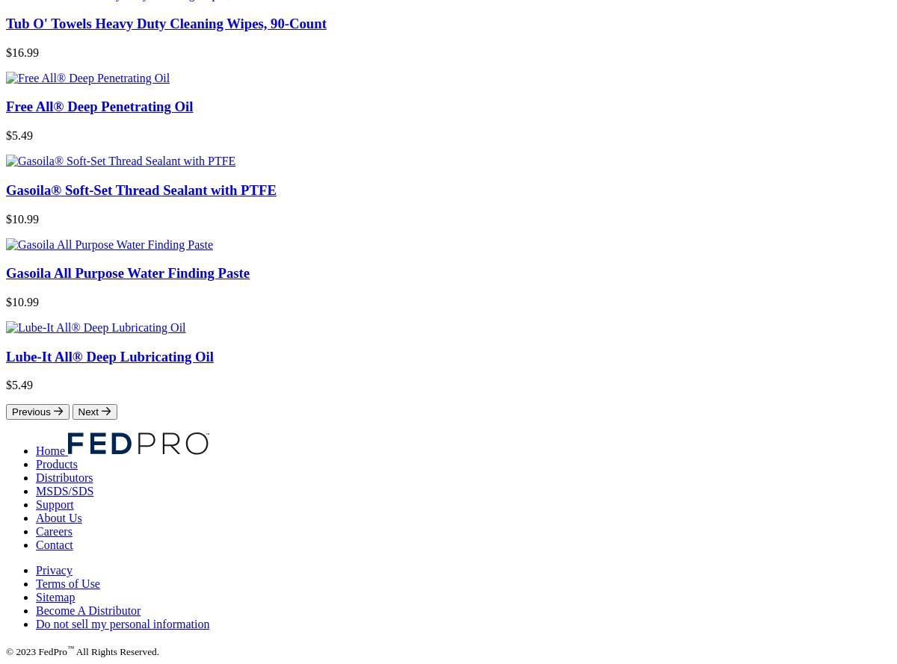 The width and height of the screenshot is (897, 664). What do you see at coordinates (64, 477) in the screenshot?
I see `'Distributors'` at bounding box center [64, 477].